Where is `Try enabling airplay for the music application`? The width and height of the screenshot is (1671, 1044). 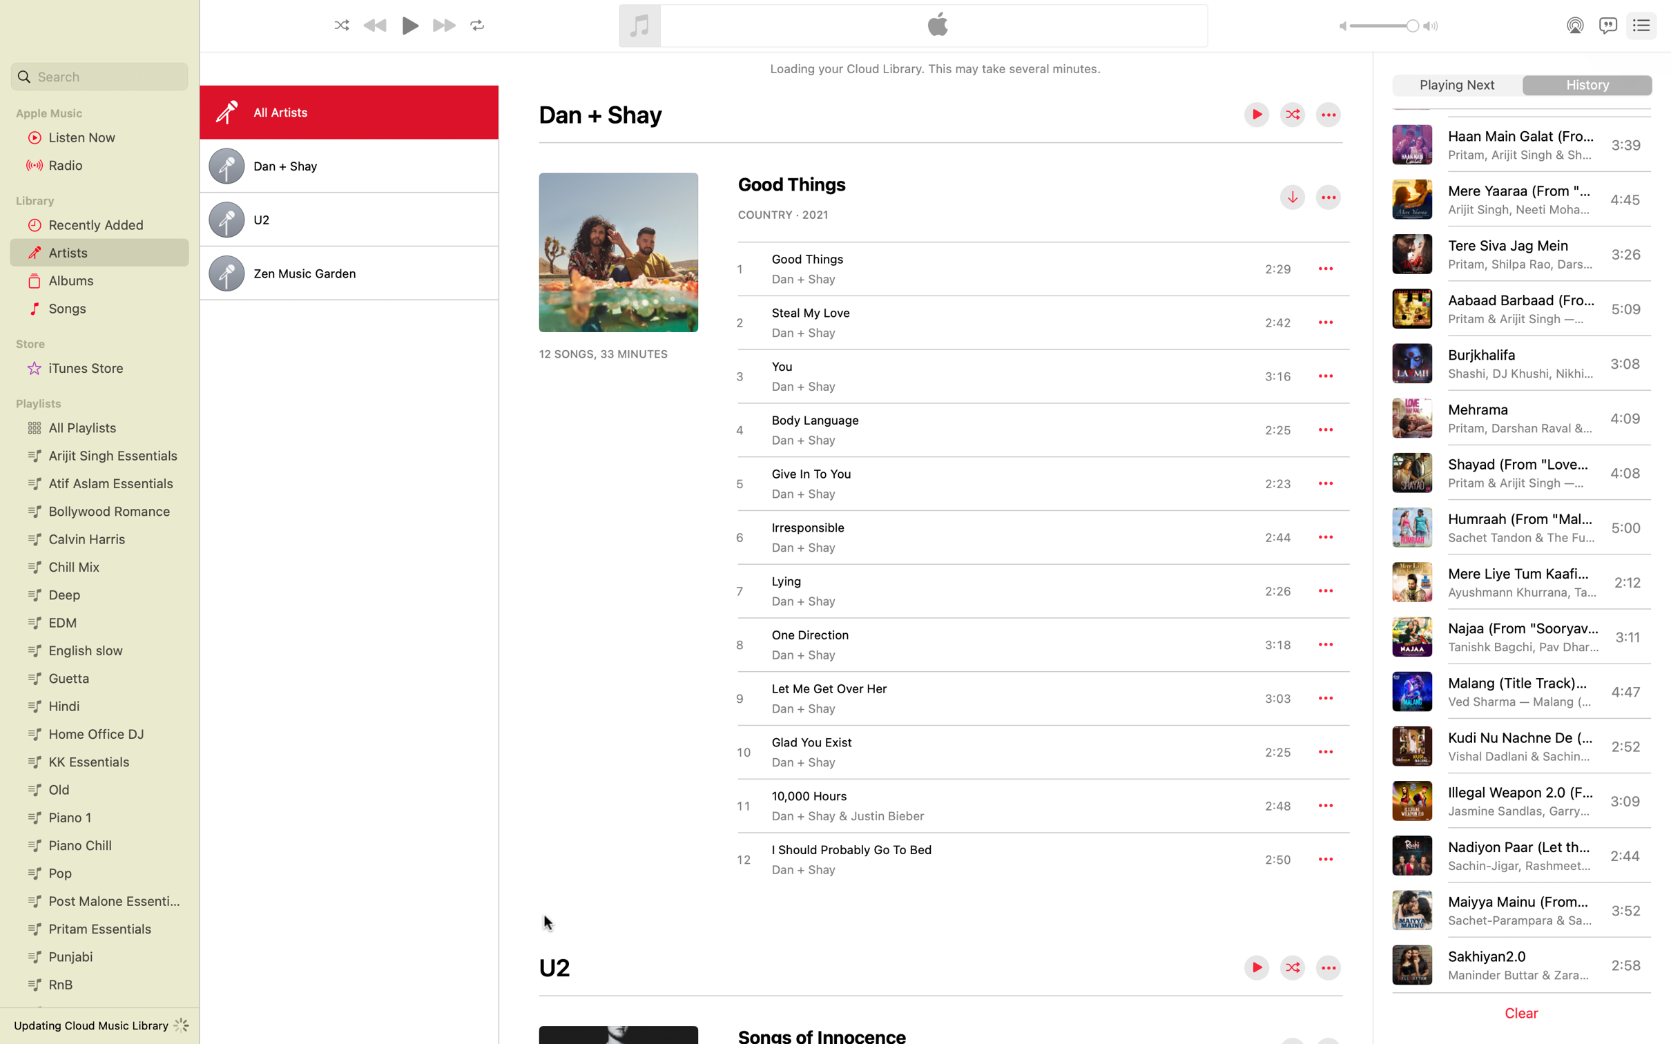
Try enabling airplay for the music application is located at coordinates (1572, 24).